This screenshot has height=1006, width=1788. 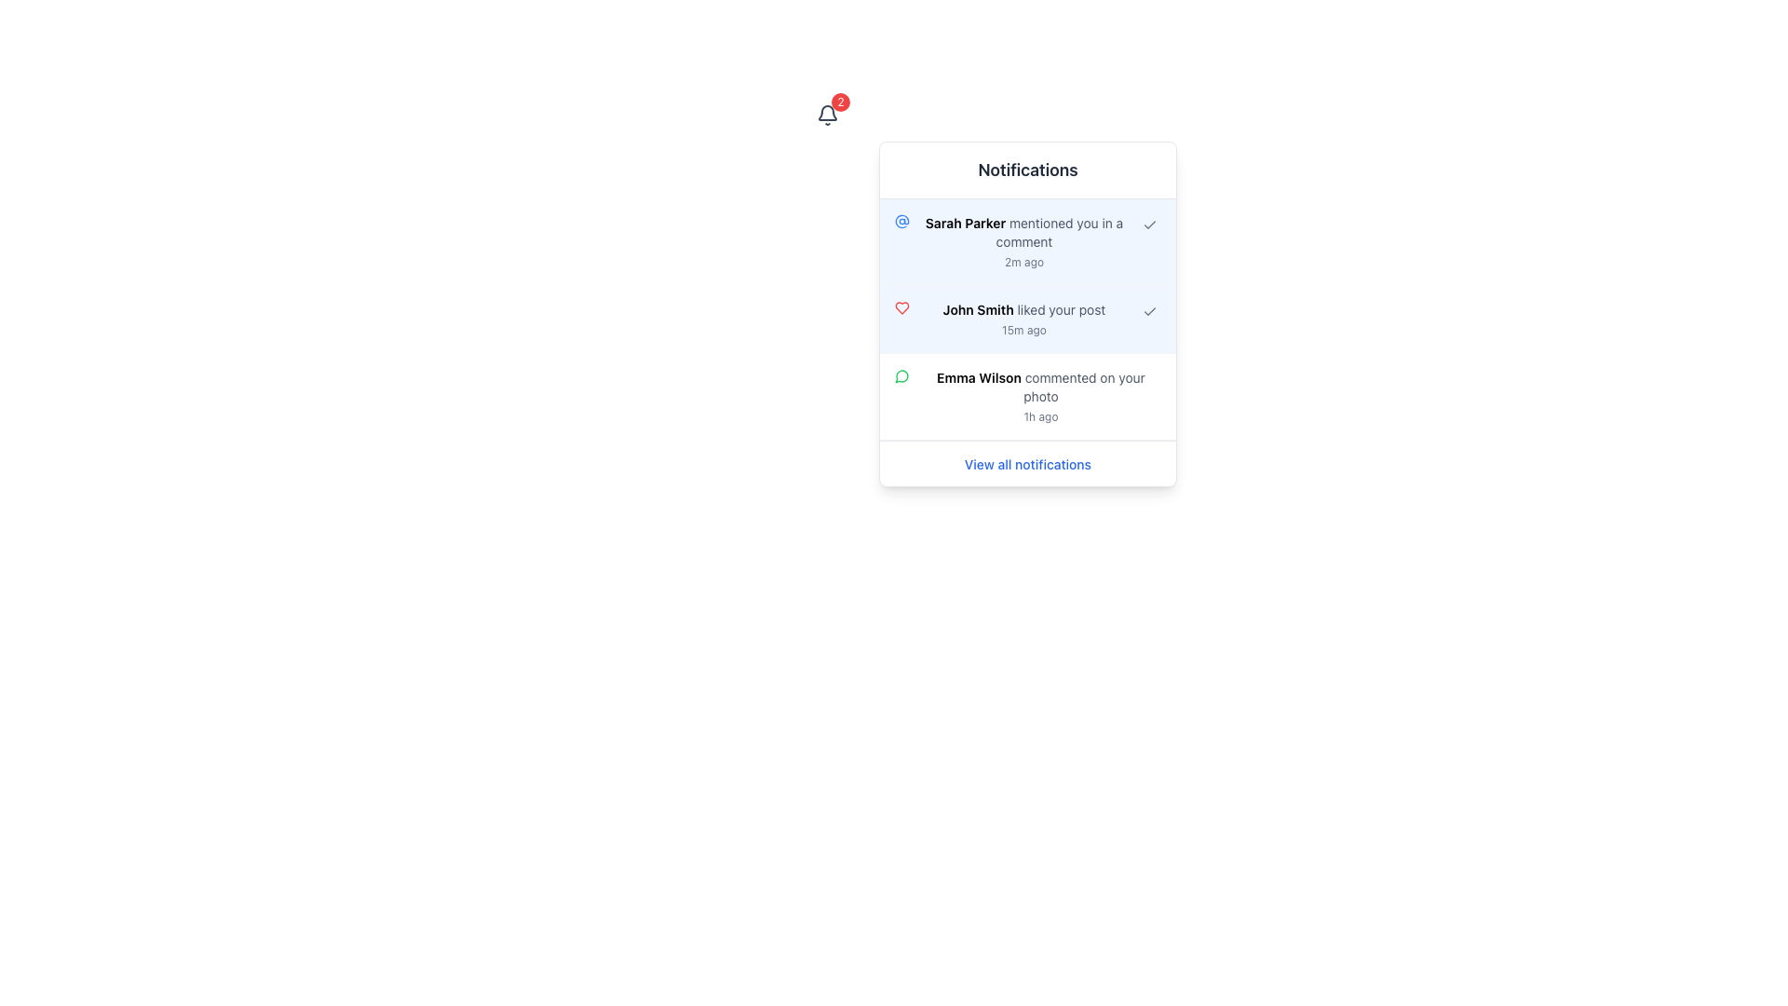 I want to click on text label displaying '1h ago', which is styled in gray and located below the notification text 'Emma Wilson commented on your photo.', so click(x=1040, y=415).